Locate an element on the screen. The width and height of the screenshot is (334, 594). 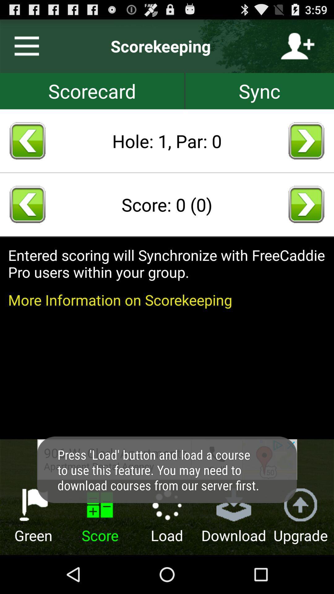
the follow icon is located at coordinates (297, 49).